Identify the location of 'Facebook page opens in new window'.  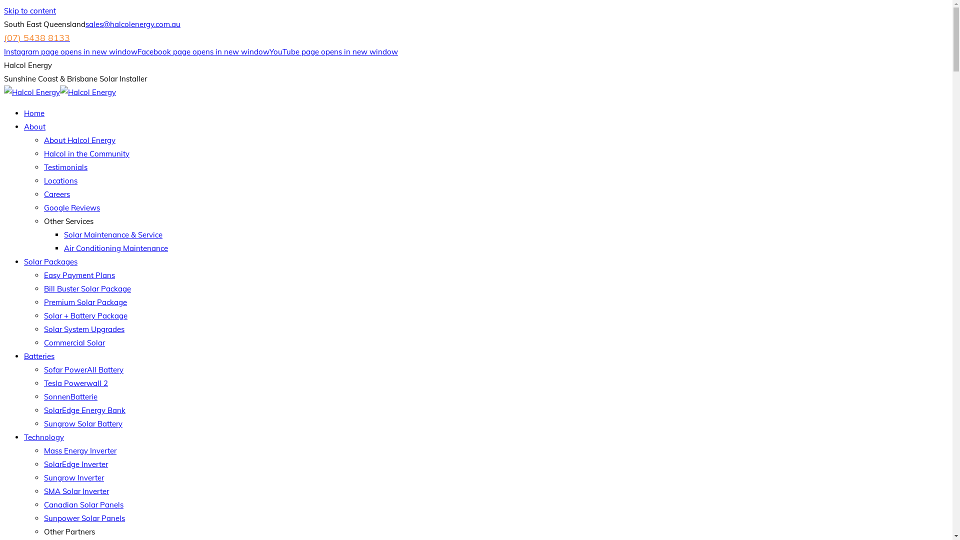
(203, 51).